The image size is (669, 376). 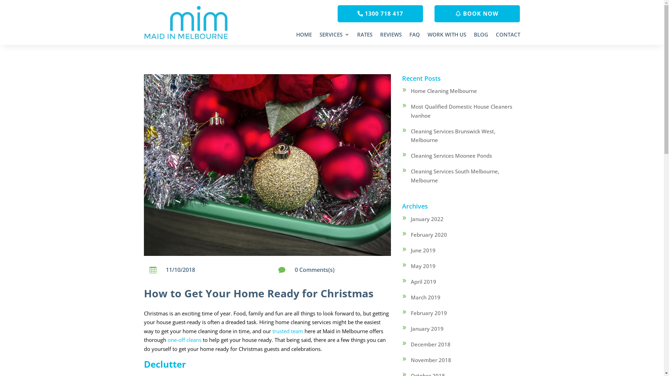 I want to click on 'January 2022', so click(x=426, y=218).